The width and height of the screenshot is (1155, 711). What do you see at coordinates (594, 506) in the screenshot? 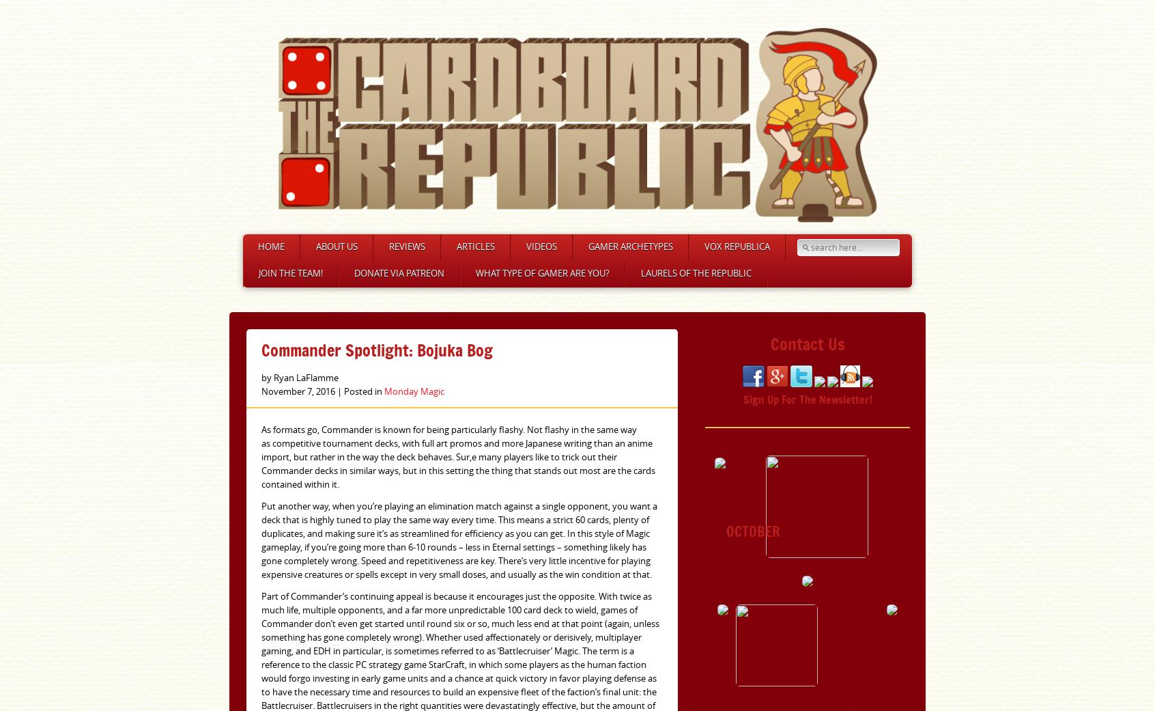
I see `'Up On A Soapbox'` at bounding box center [594, 506].